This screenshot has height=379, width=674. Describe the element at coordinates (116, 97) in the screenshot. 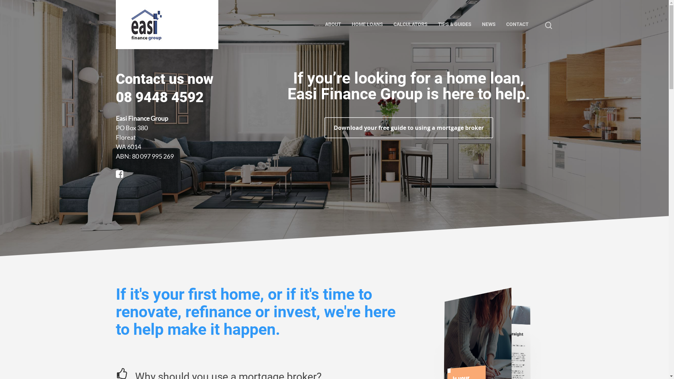

I see `'08 9448 4592'` at that location.